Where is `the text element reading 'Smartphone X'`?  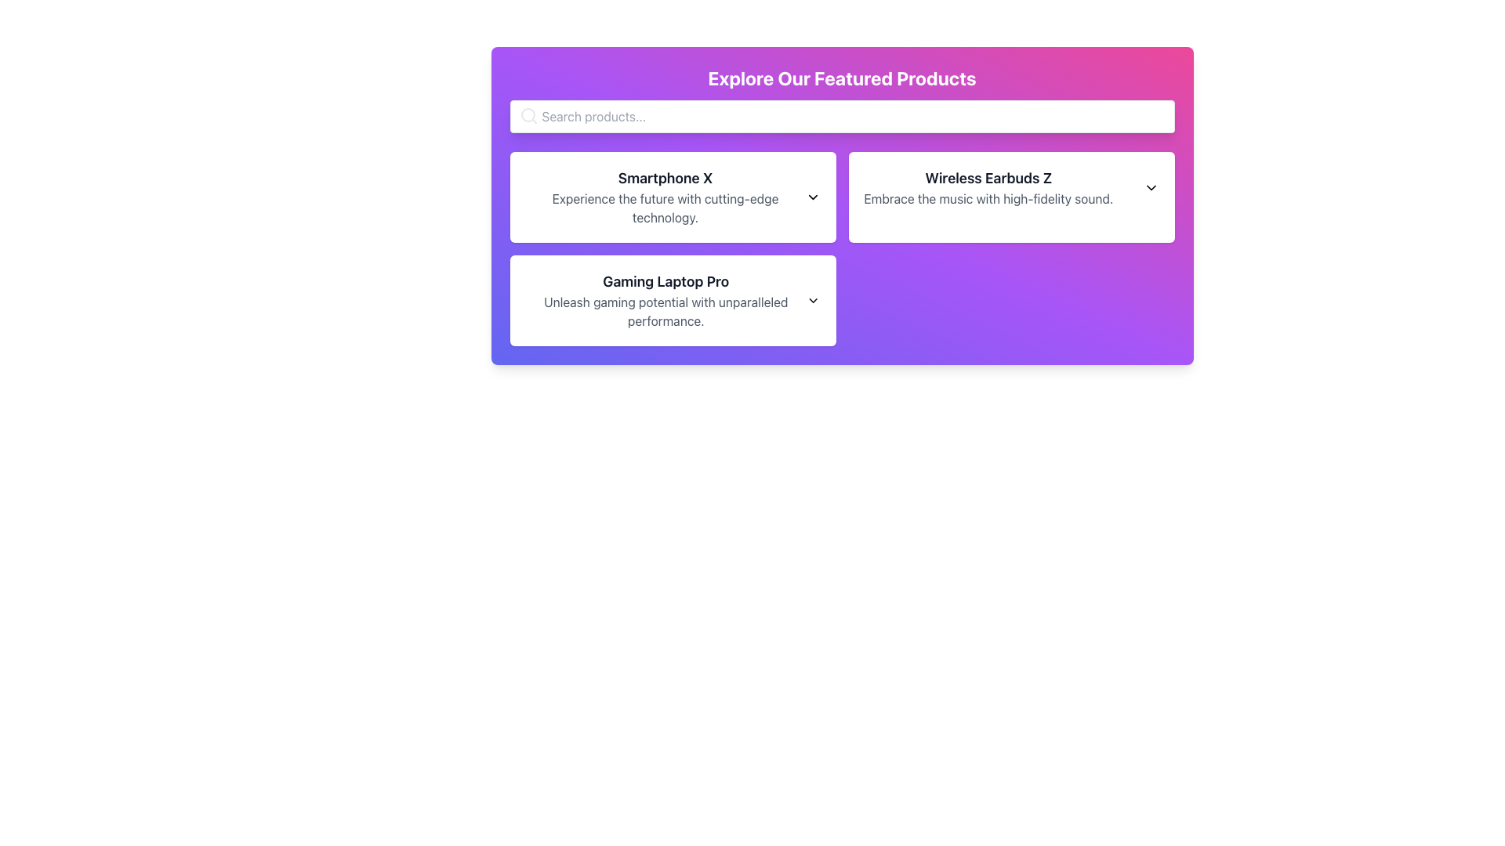
the text element reading 'Smartphone X' is located at coordinates (665, 177).